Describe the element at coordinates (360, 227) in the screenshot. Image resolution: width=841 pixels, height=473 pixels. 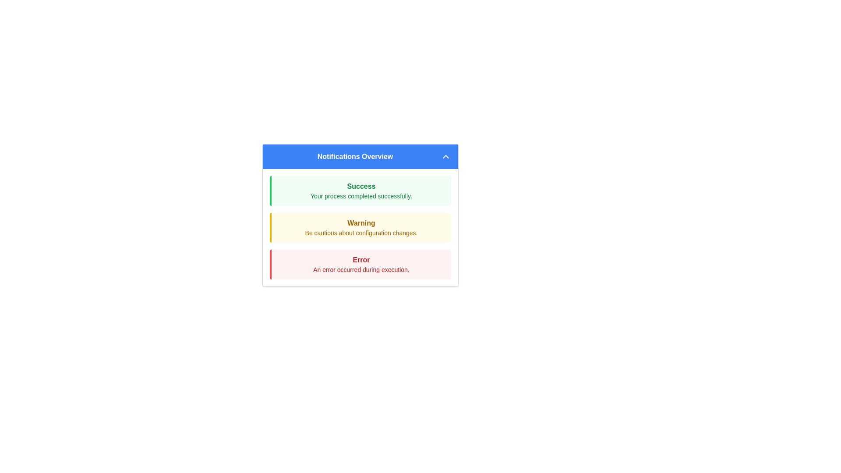
I see `warning message from the second notification message box, which is located between the green 'Success' notification and the red 'Error' notification` at that location.